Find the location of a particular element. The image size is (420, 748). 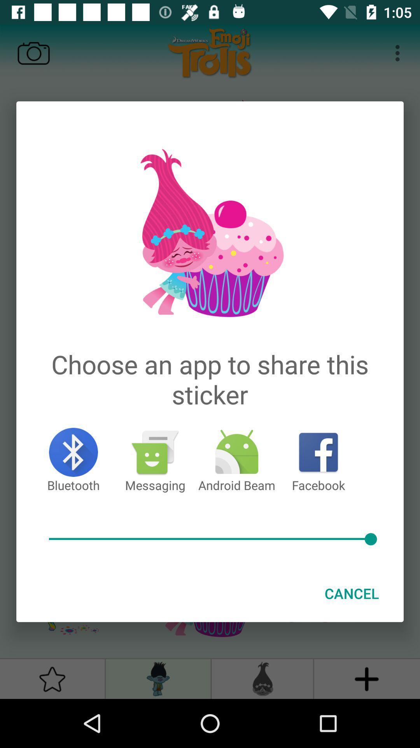

cancel at the bottom right corner is located at coordinates (352, 593).